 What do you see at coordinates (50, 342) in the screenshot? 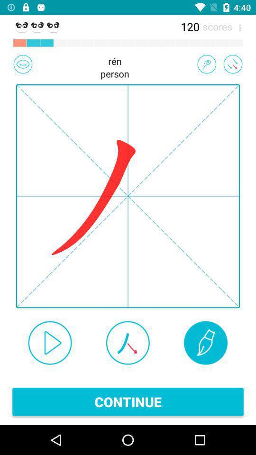
I see `button` at bounding box center [50, 342].